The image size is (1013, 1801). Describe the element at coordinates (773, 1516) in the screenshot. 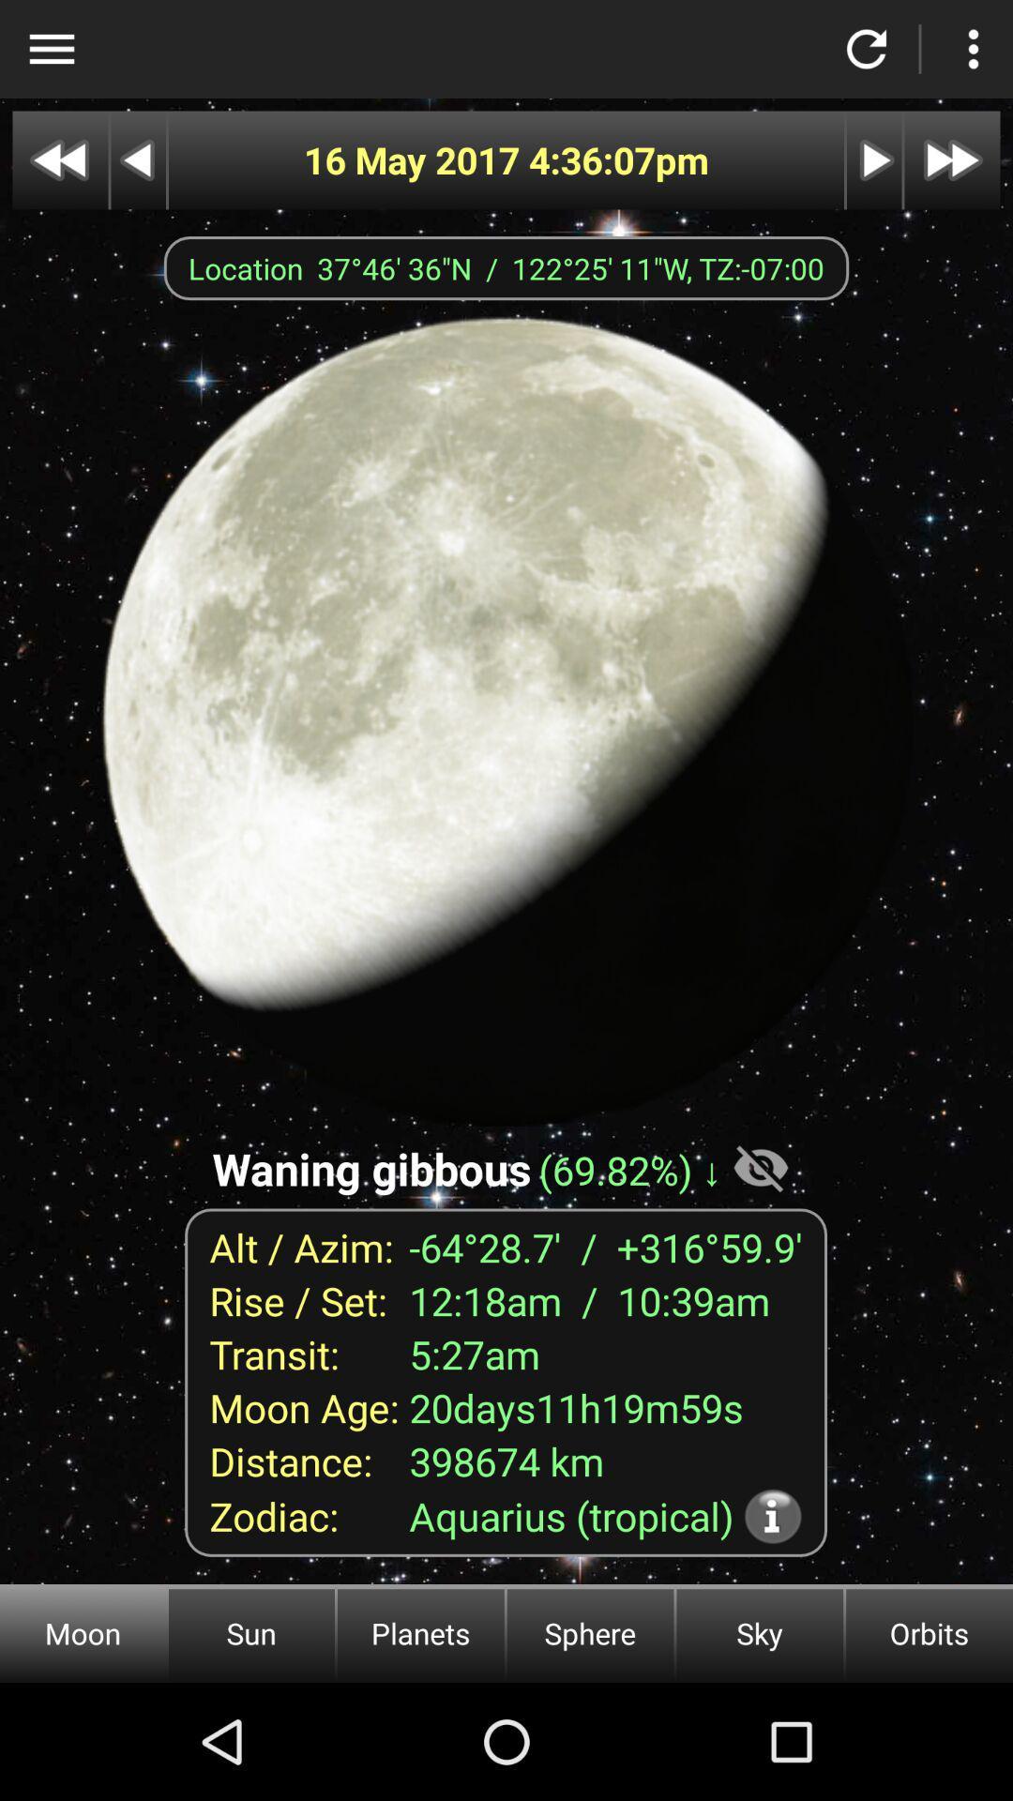

I see `icon next to the aquarius (tropical) item` at that location.